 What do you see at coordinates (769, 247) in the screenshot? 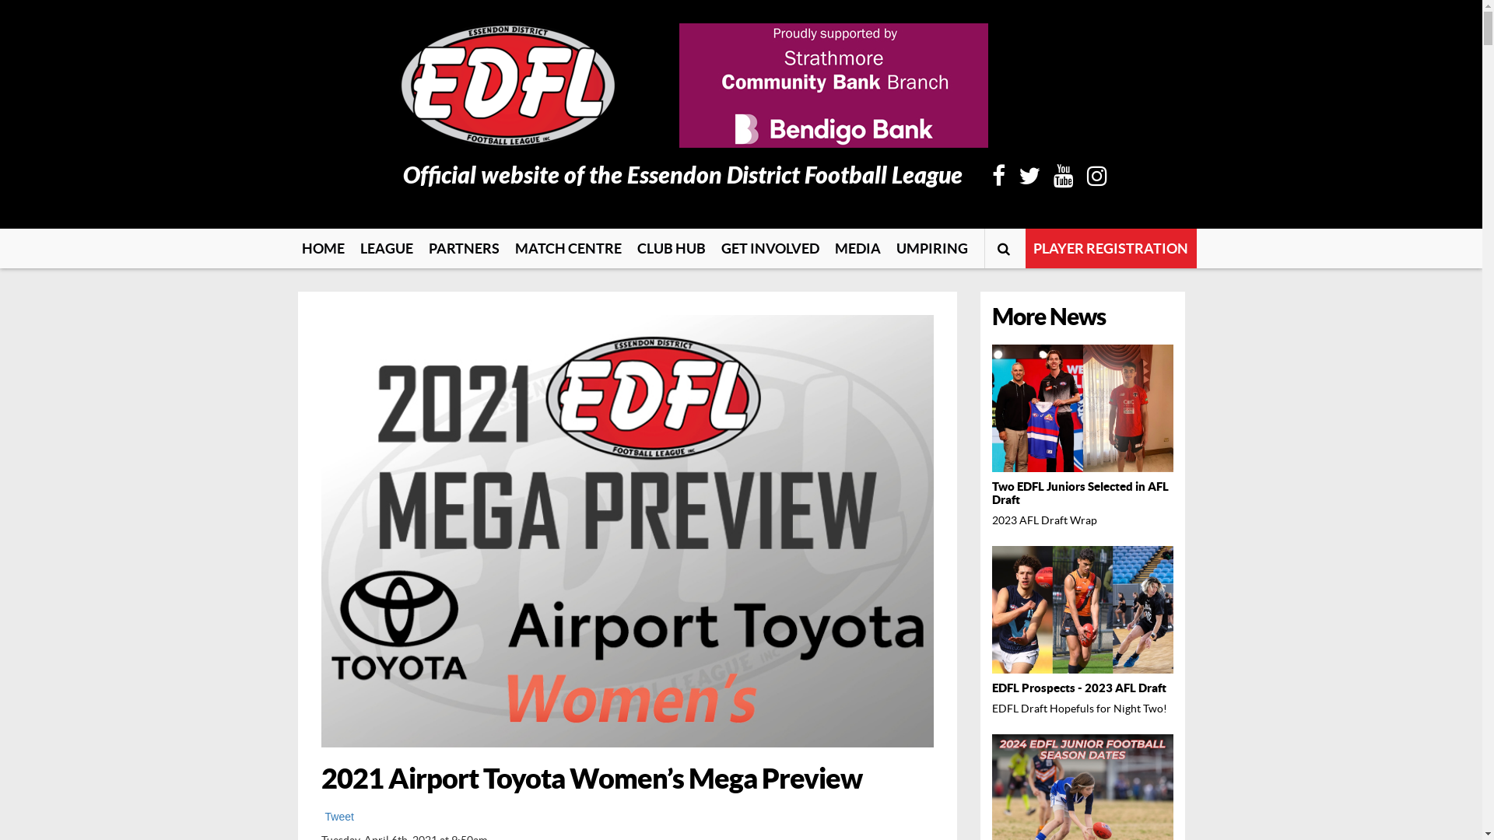
I see `'GET INVOLVED'` at bounding box center [769, 247].